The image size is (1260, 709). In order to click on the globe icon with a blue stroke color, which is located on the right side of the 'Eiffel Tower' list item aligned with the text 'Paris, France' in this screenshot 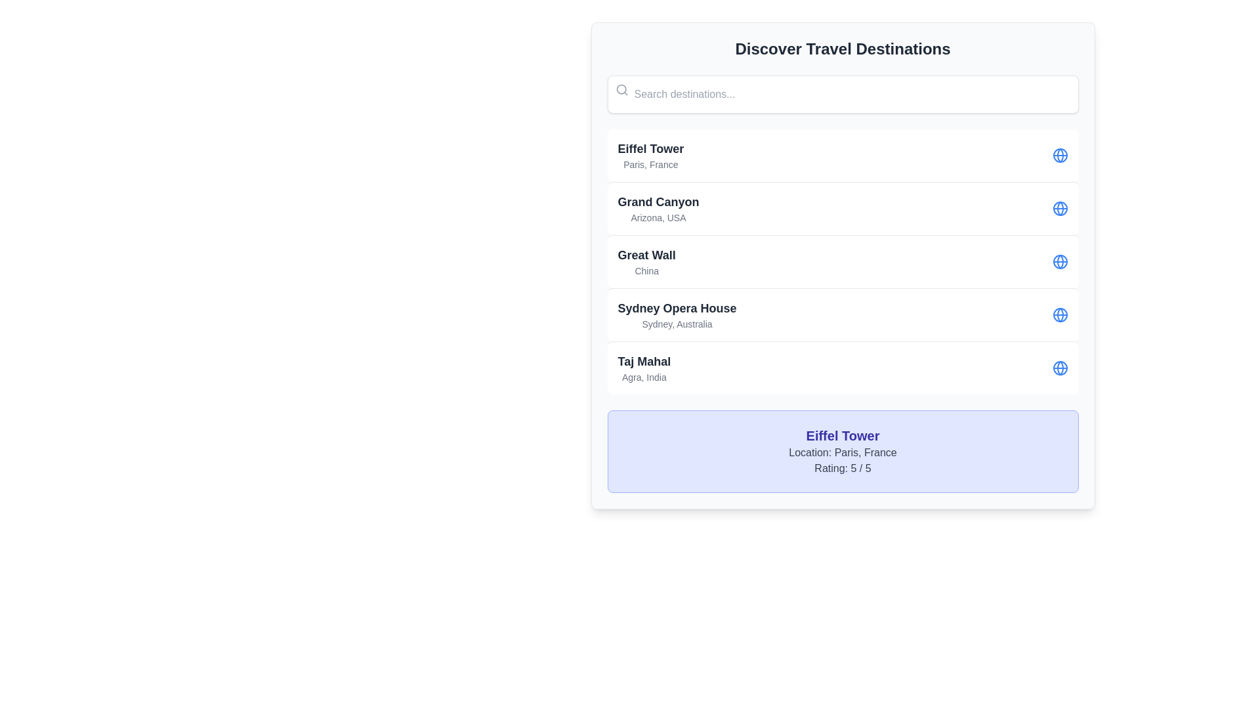, I will do `click(1060, 154)`.